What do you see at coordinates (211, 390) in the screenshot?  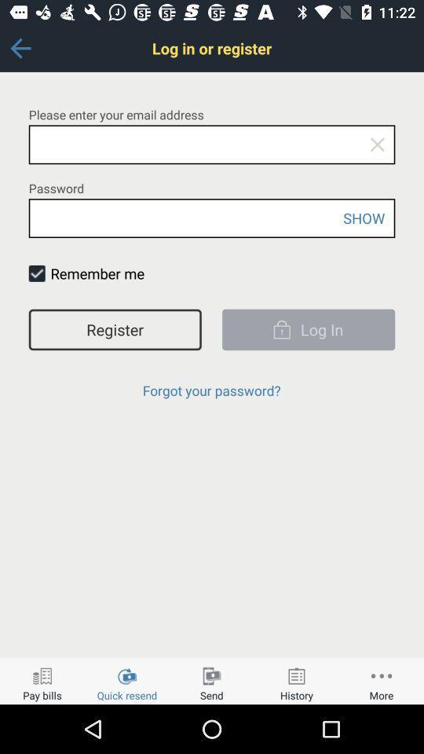 I see `the forgot your password? item` at bounding box center [211, 390].